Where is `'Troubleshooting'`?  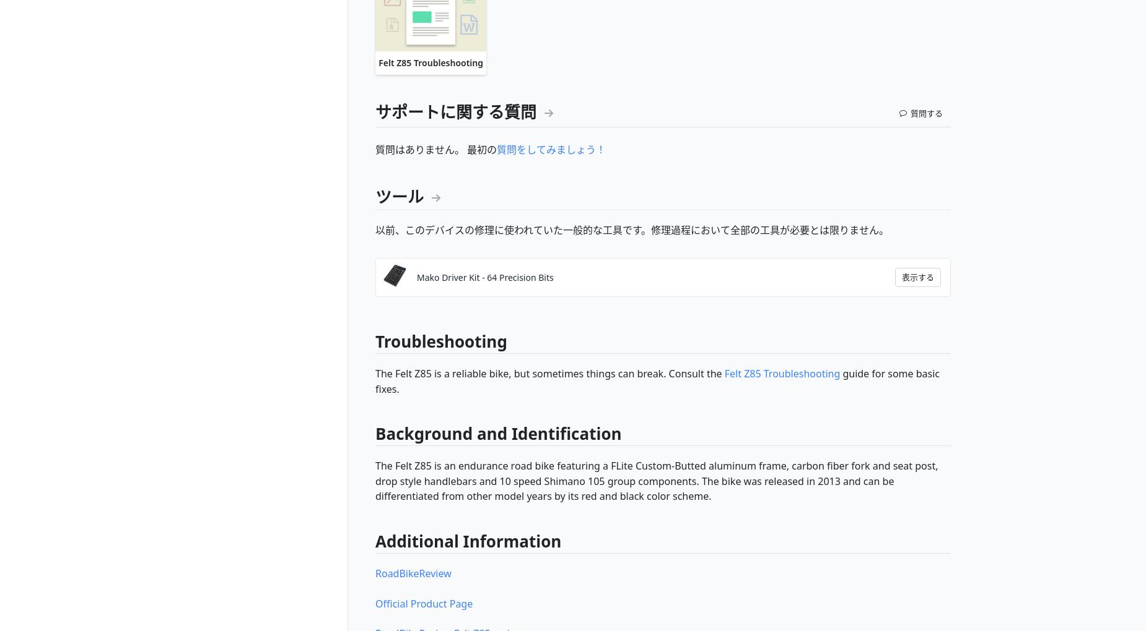
'Troubleshooting' is located at coordinates (375, 341).